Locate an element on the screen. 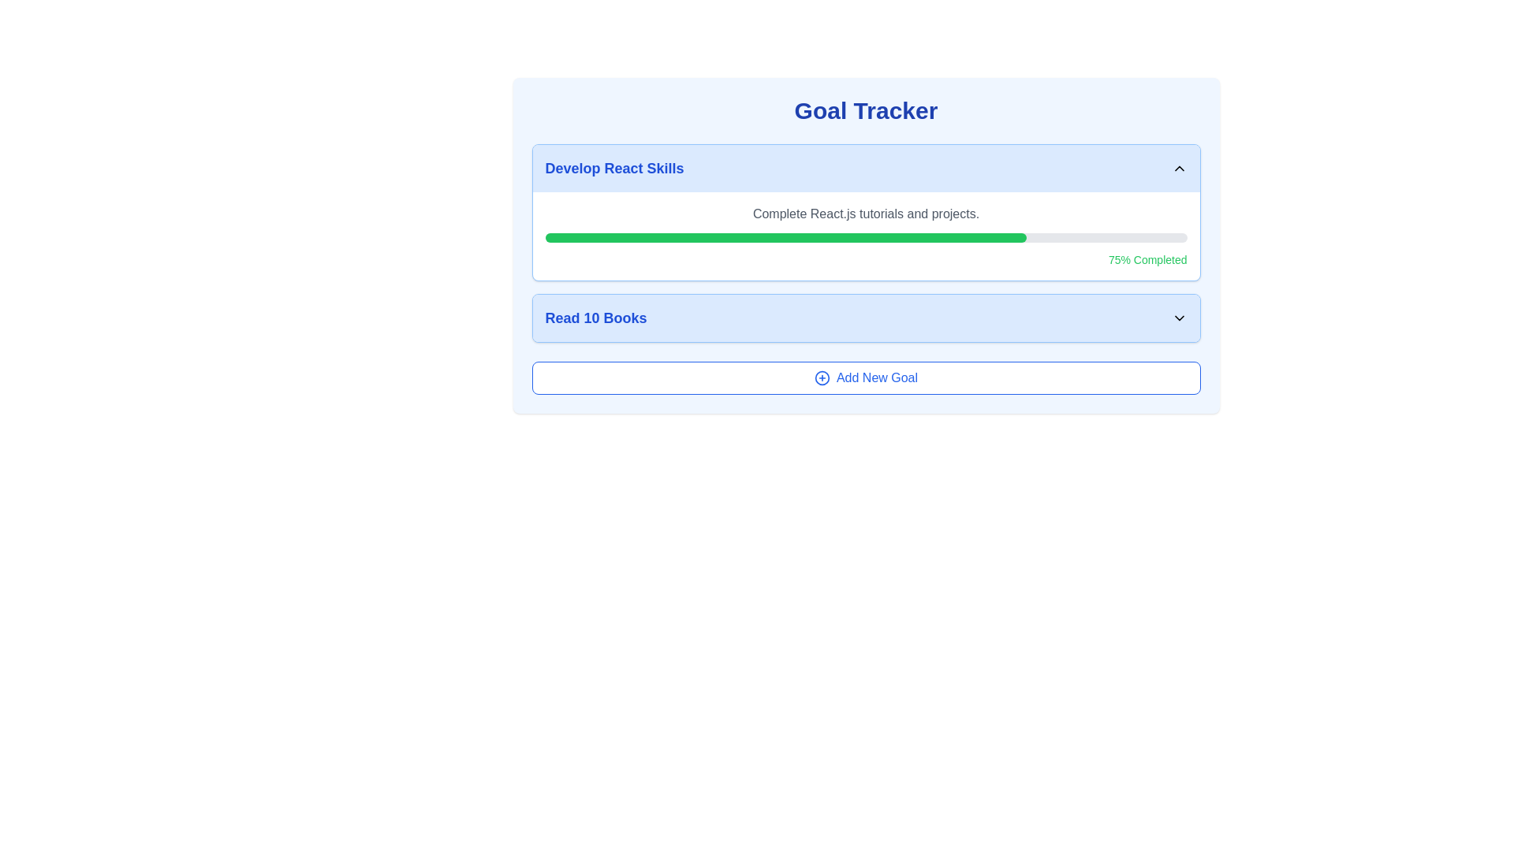 The width and height of the screenshot is (1514, 851). the icon representing the option to add a new item or goal, which is located to the left of the text 'Add New Goal' within a button at the bottom section of the interface is located at coordinates (821, 377).